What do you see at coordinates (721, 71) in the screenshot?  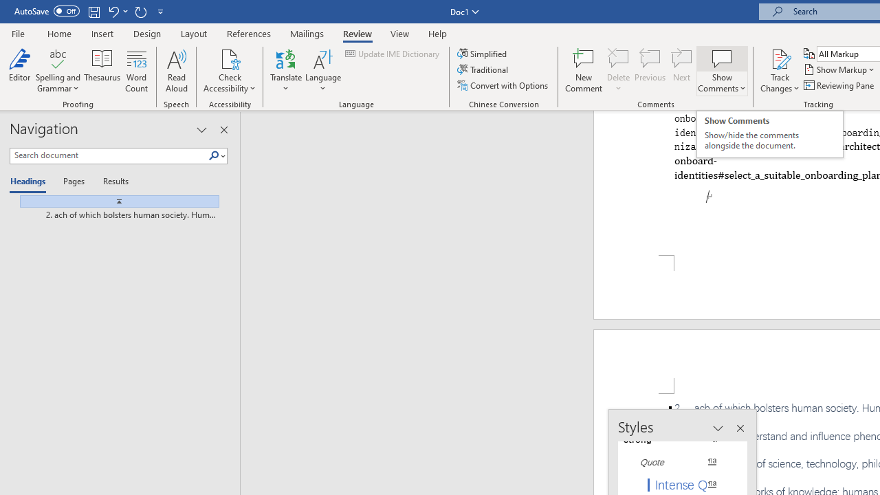 I see `'Show Comments'` at bounding box center [721, 71].